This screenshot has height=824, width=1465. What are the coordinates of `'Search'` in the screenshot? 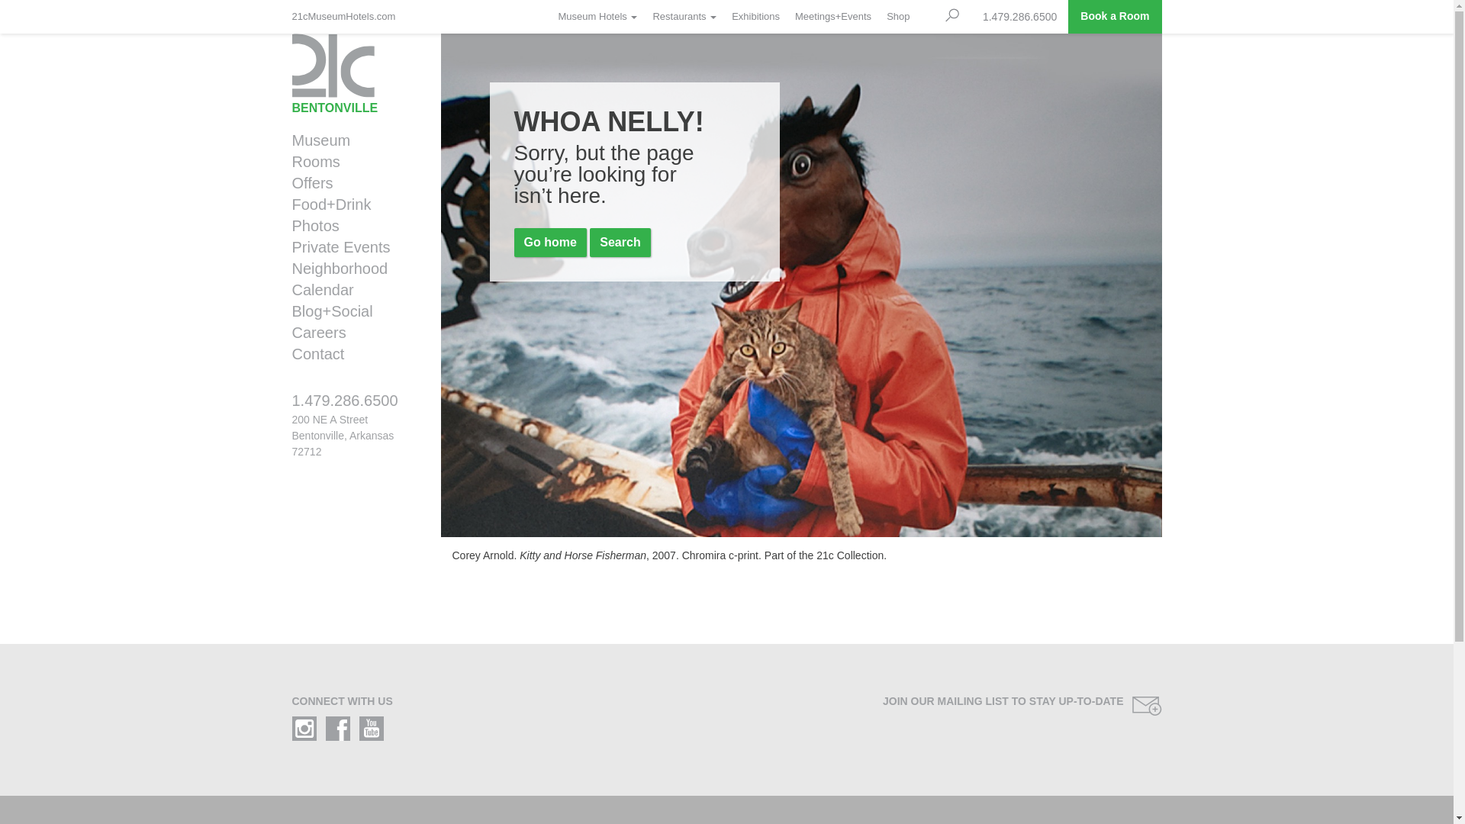 It's located at (620, 241).